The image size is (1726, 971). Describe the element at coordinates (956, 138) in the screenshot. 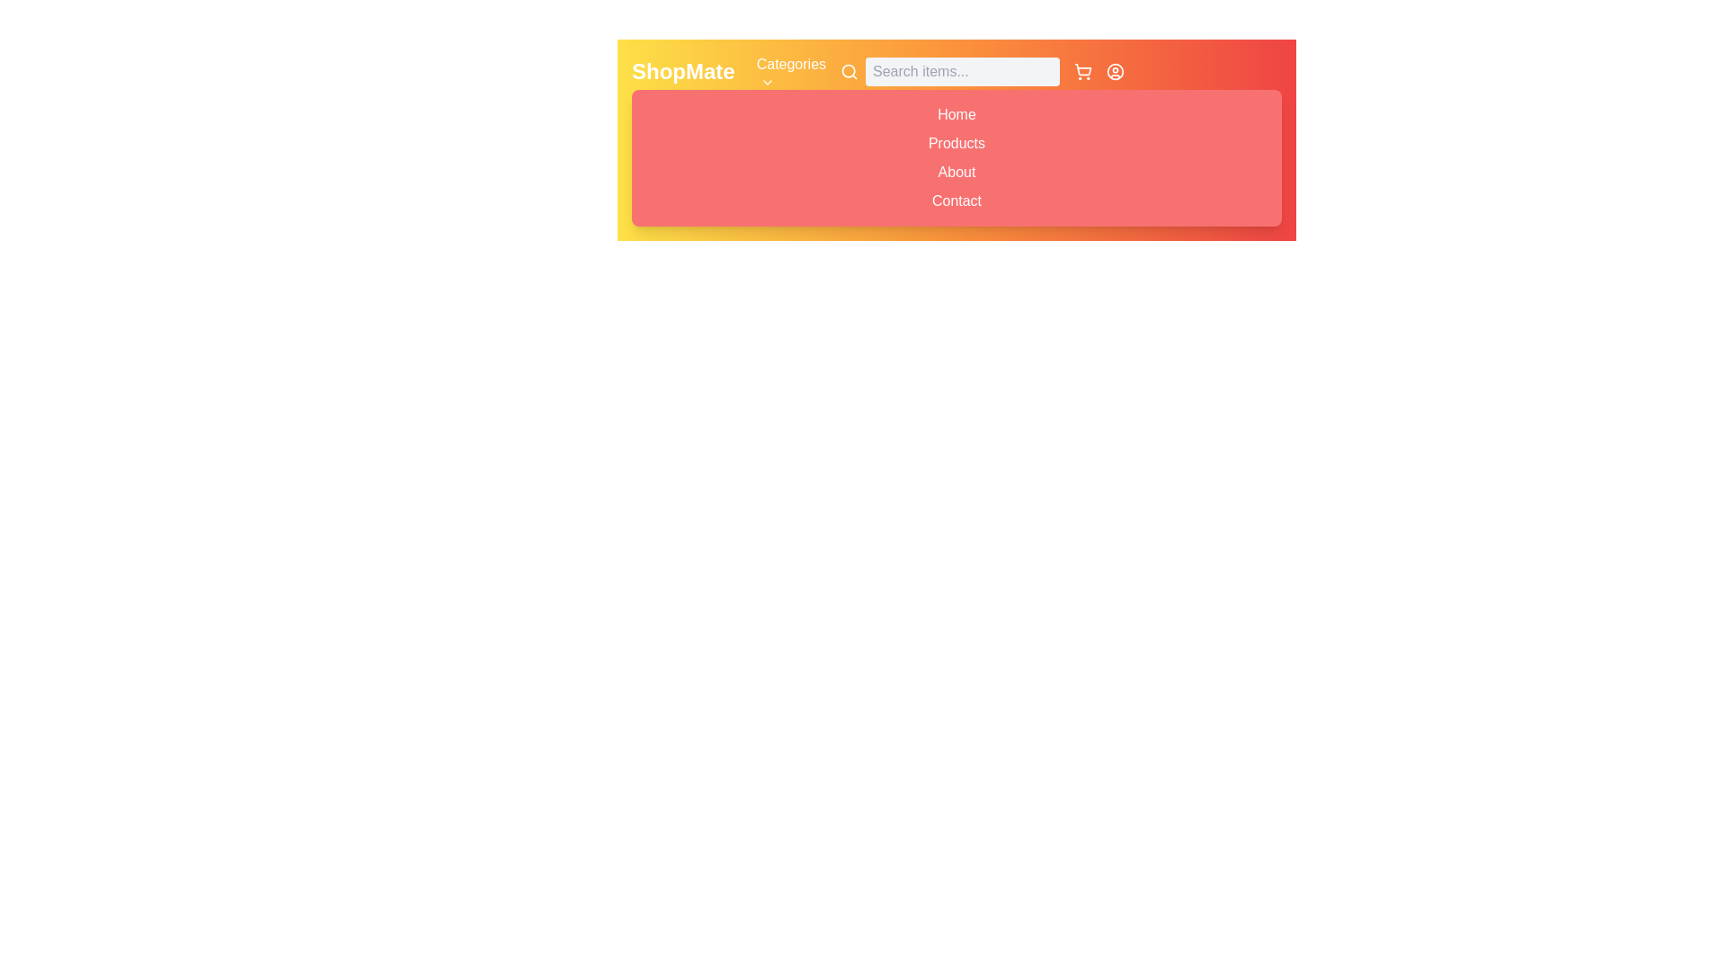

I see `the interactive icons or elements in the Navigation Menu positioned at the top of the application layout` at that location.